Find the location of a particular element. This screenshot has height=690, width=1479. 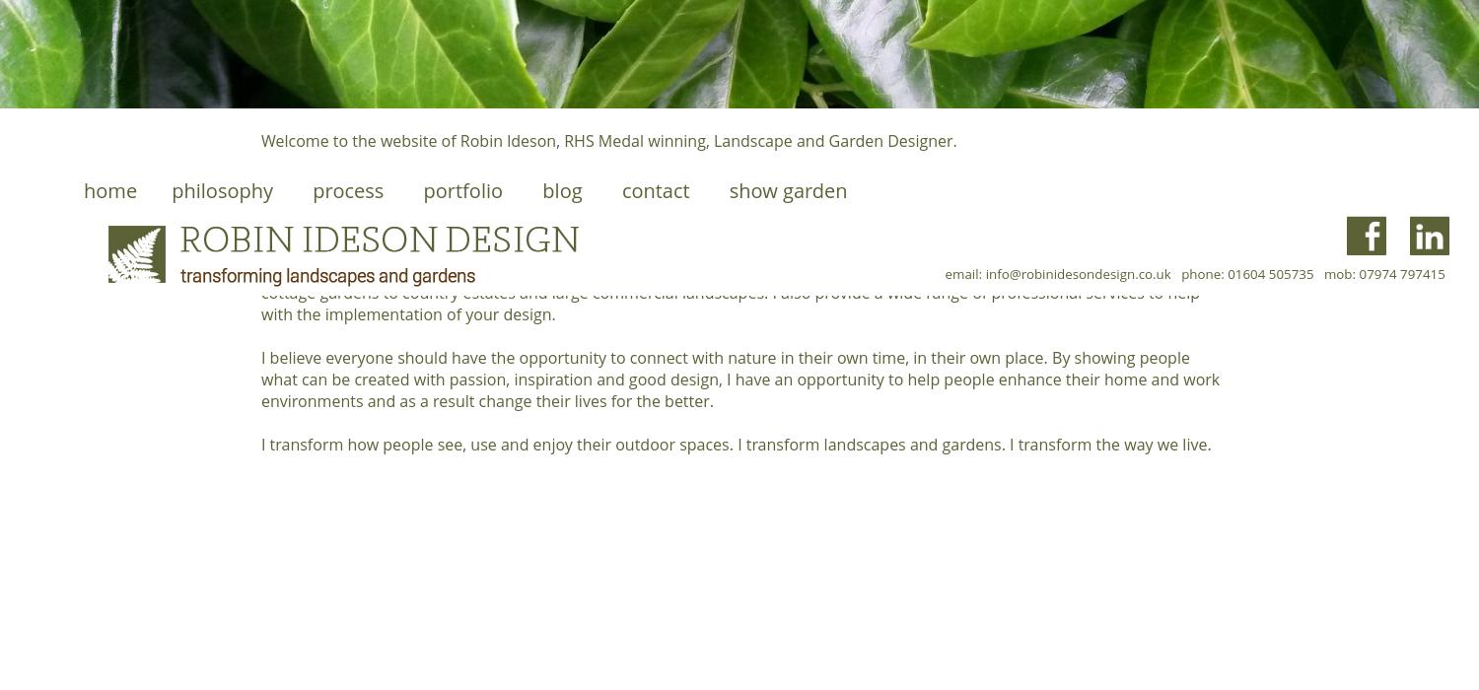

'Welcome to the website of Robin ldeson, RHS Medal winning, Landscape and Garden Designer.' is located at coordinates (607, 141).